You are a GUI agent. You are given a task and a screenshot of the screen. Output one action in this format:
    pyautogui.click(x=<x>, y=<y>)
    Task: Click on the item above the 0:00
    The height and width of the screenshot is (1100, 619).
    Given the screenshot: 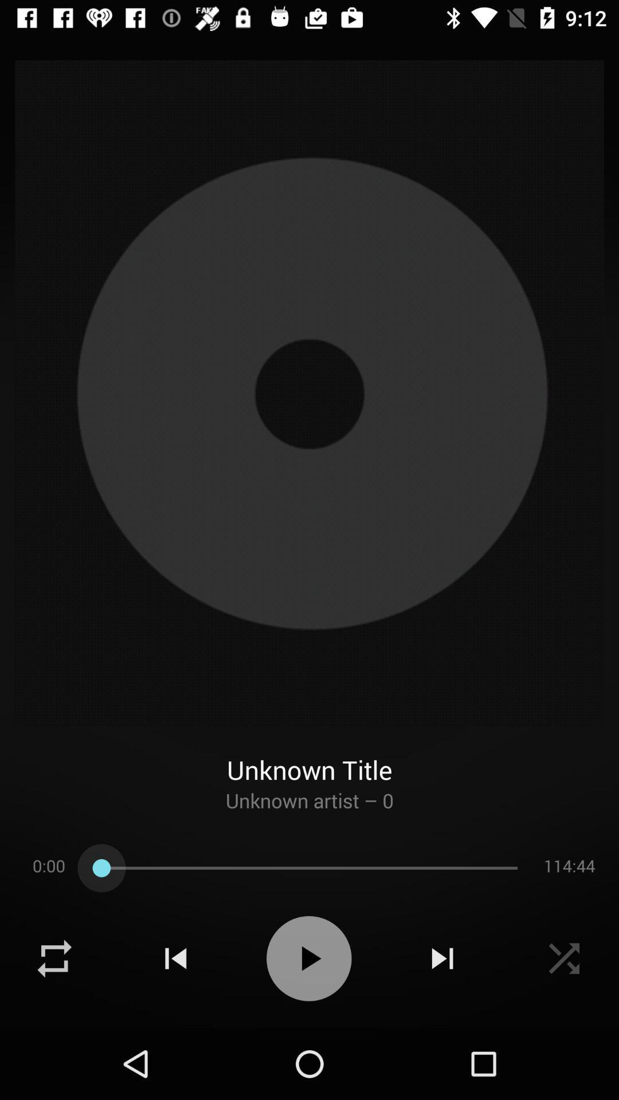 What is the action you would take?
    pyautogui.click(x=309, y=811)
    